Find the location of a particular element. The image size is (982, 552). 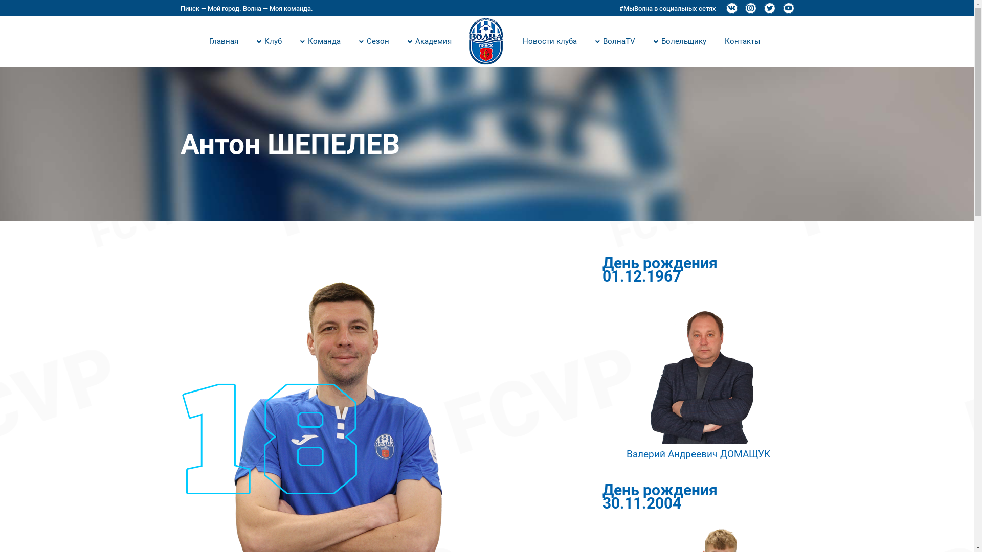

'Twitter' is located at coordinates (770, 8).